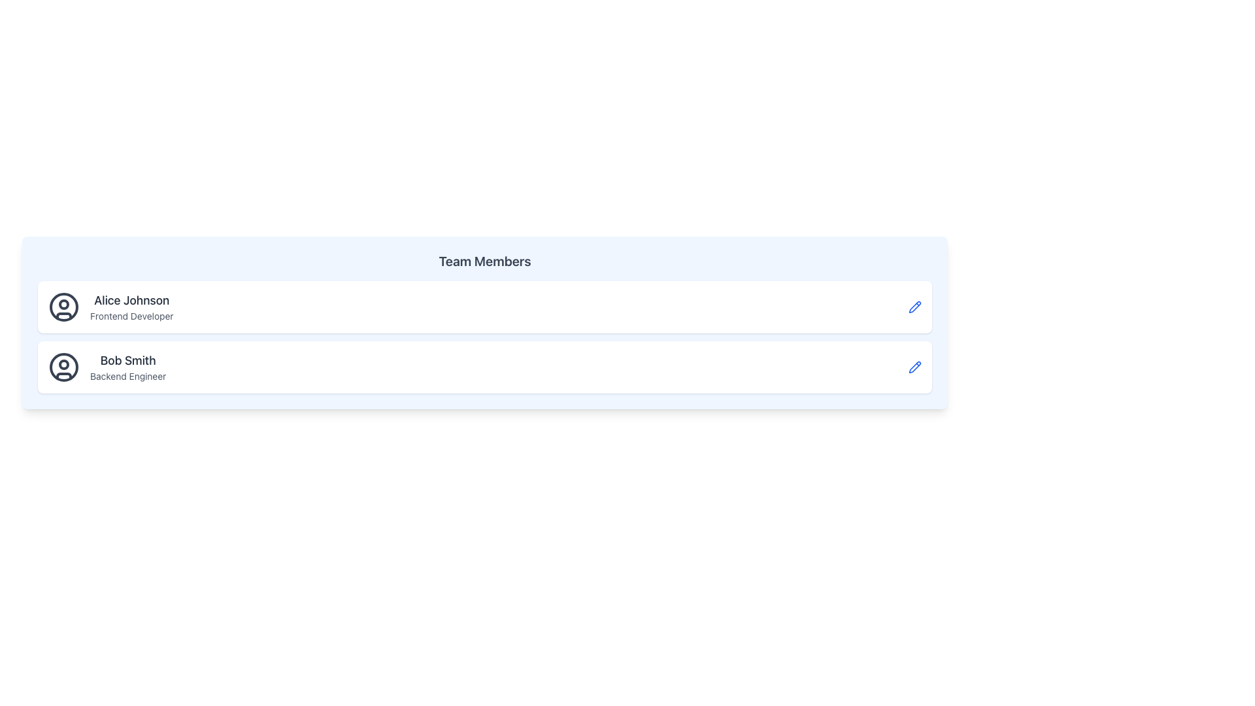 The width and height of the screenshot is (1255, 706). I want to click on to interact with the List Item displaying 'Bob Smith' and 'Backend Engineer', which includes a circular user icon and is the second item under the 'Team Members' section, so click(107, 367).